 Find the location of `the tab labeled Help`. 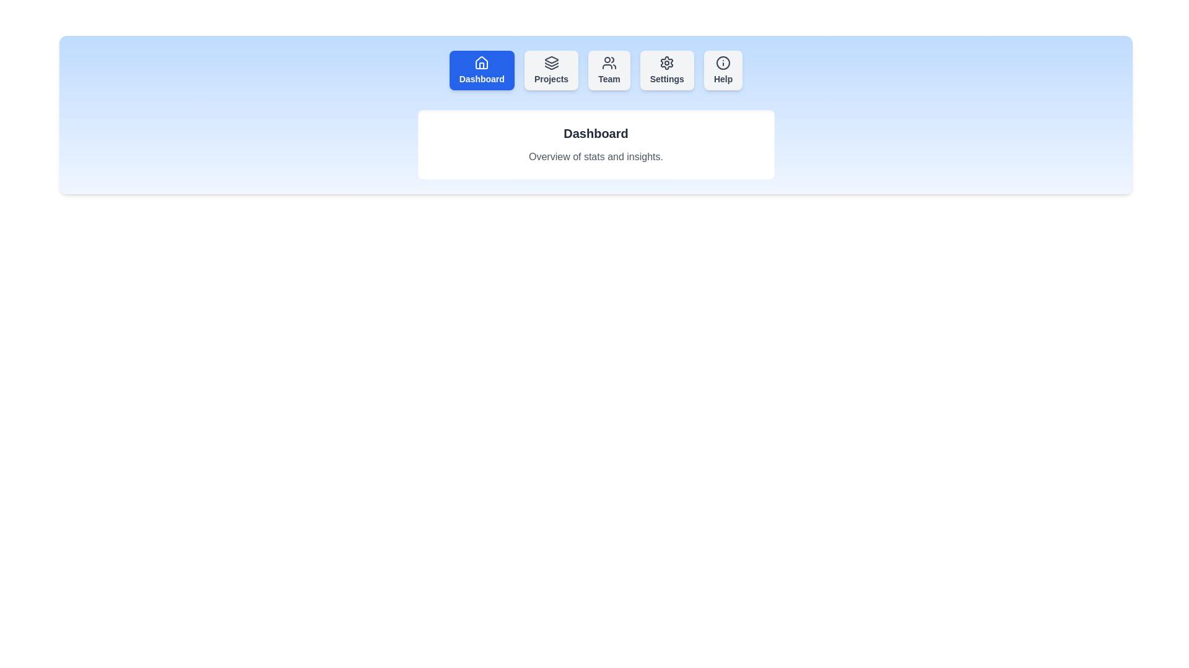

the tab labeled Help is located at coordinates (723, 71).